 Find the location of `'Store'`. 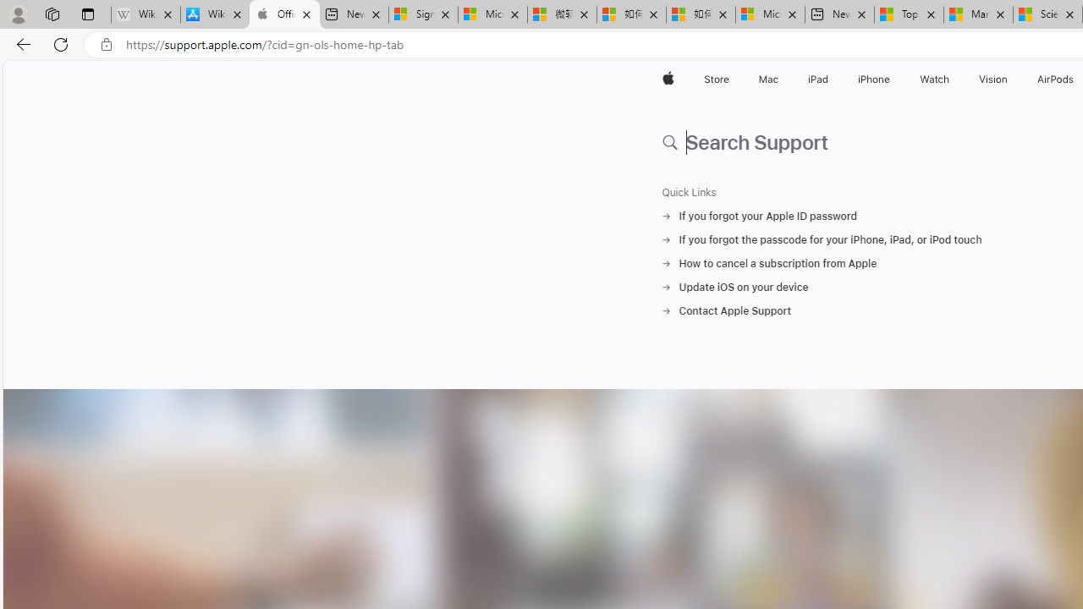

'Store' is located at coordinates (716, 79).